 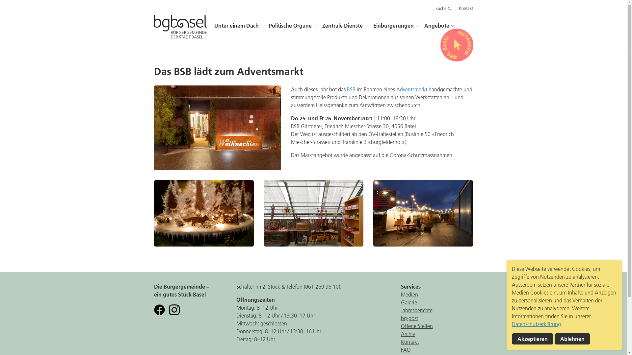 What do you see at coordinates (416, 326) in the screenshot?
I see `'Offene Stellen'` at bounding box center [416, 326].